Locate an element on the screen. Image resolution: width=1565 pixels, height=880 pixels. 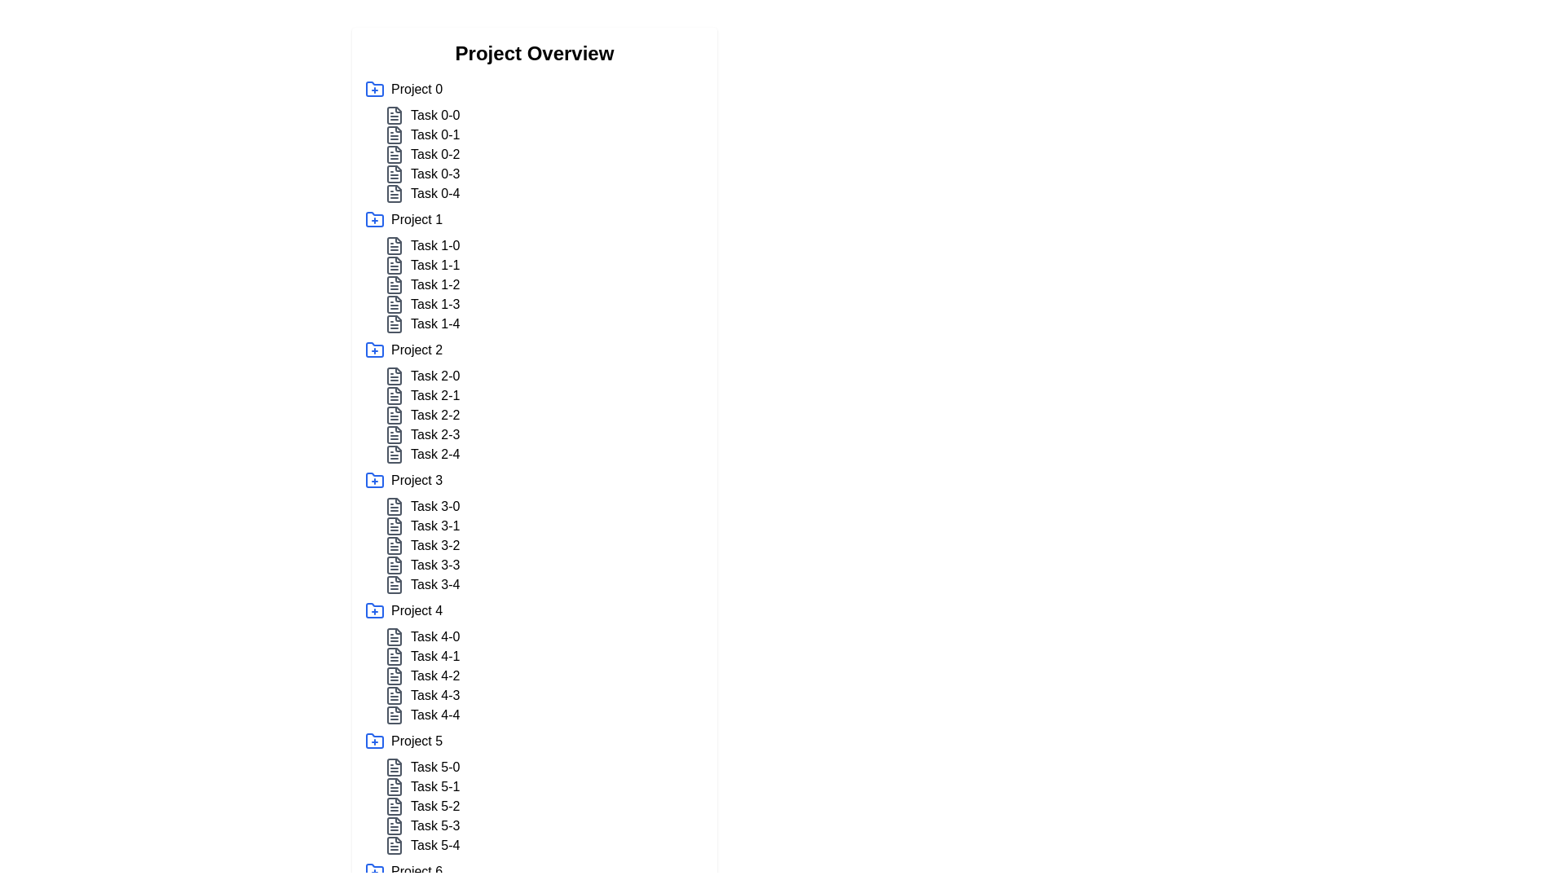
the text label 'Task 1-4' which is the fifth item under the header 'Project 1' in the task list for selection or navigation is located at coordinates (435, 323).